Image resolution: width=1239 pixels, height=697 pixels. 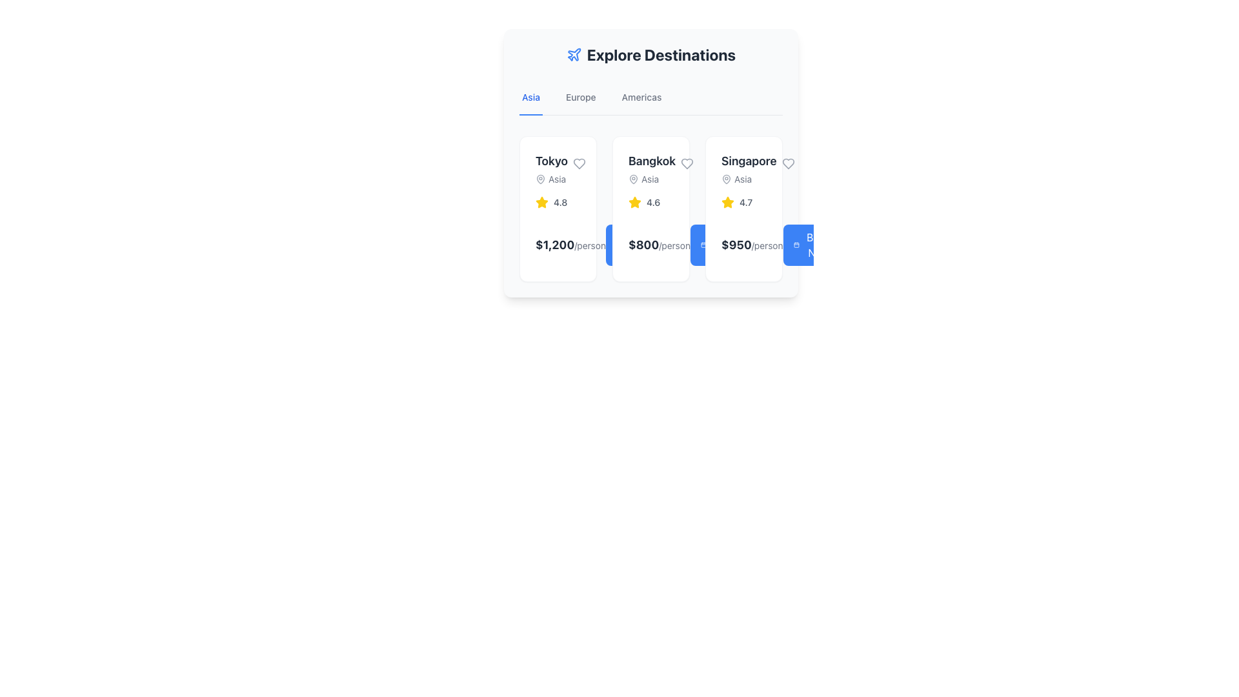 I want to click on the monetary informational label displaying '$950/person' in the Singapore card, which is located below the rating section and prominently positioned in the third column, so click(x=743, y=245).